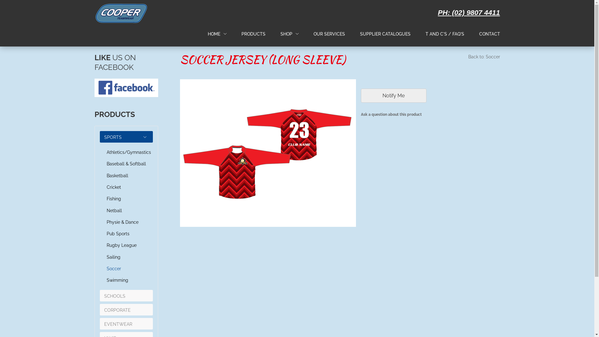  What do you see at coordinates (126, 257) in the screenshot?
I see `'Sailing'` at bounding box center [126, 257].